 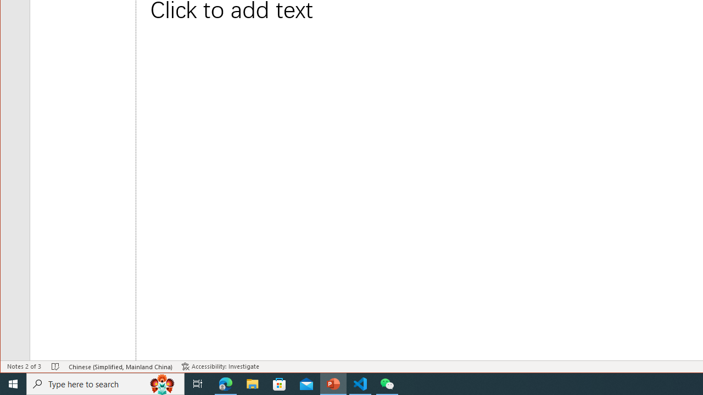 What do you see at coordinates (360, 383) in the screenshot?
I see `'Visual Studio Code - 1 running window'` at bounding box center [360, 383].